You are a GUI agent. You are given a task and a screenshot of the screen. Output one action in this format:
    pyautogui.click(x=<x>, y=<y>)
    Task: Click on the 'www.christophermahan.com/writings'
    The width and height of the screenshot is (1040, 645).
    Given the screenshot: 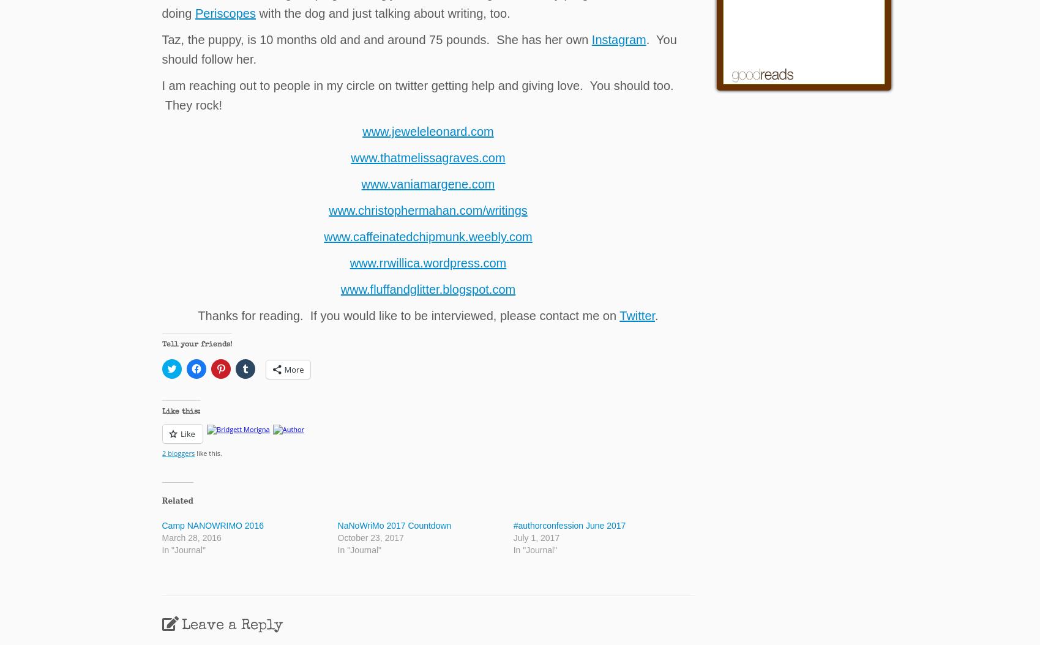 What is the action you would take?
    pyautogui.click(x=427, y=211)
    